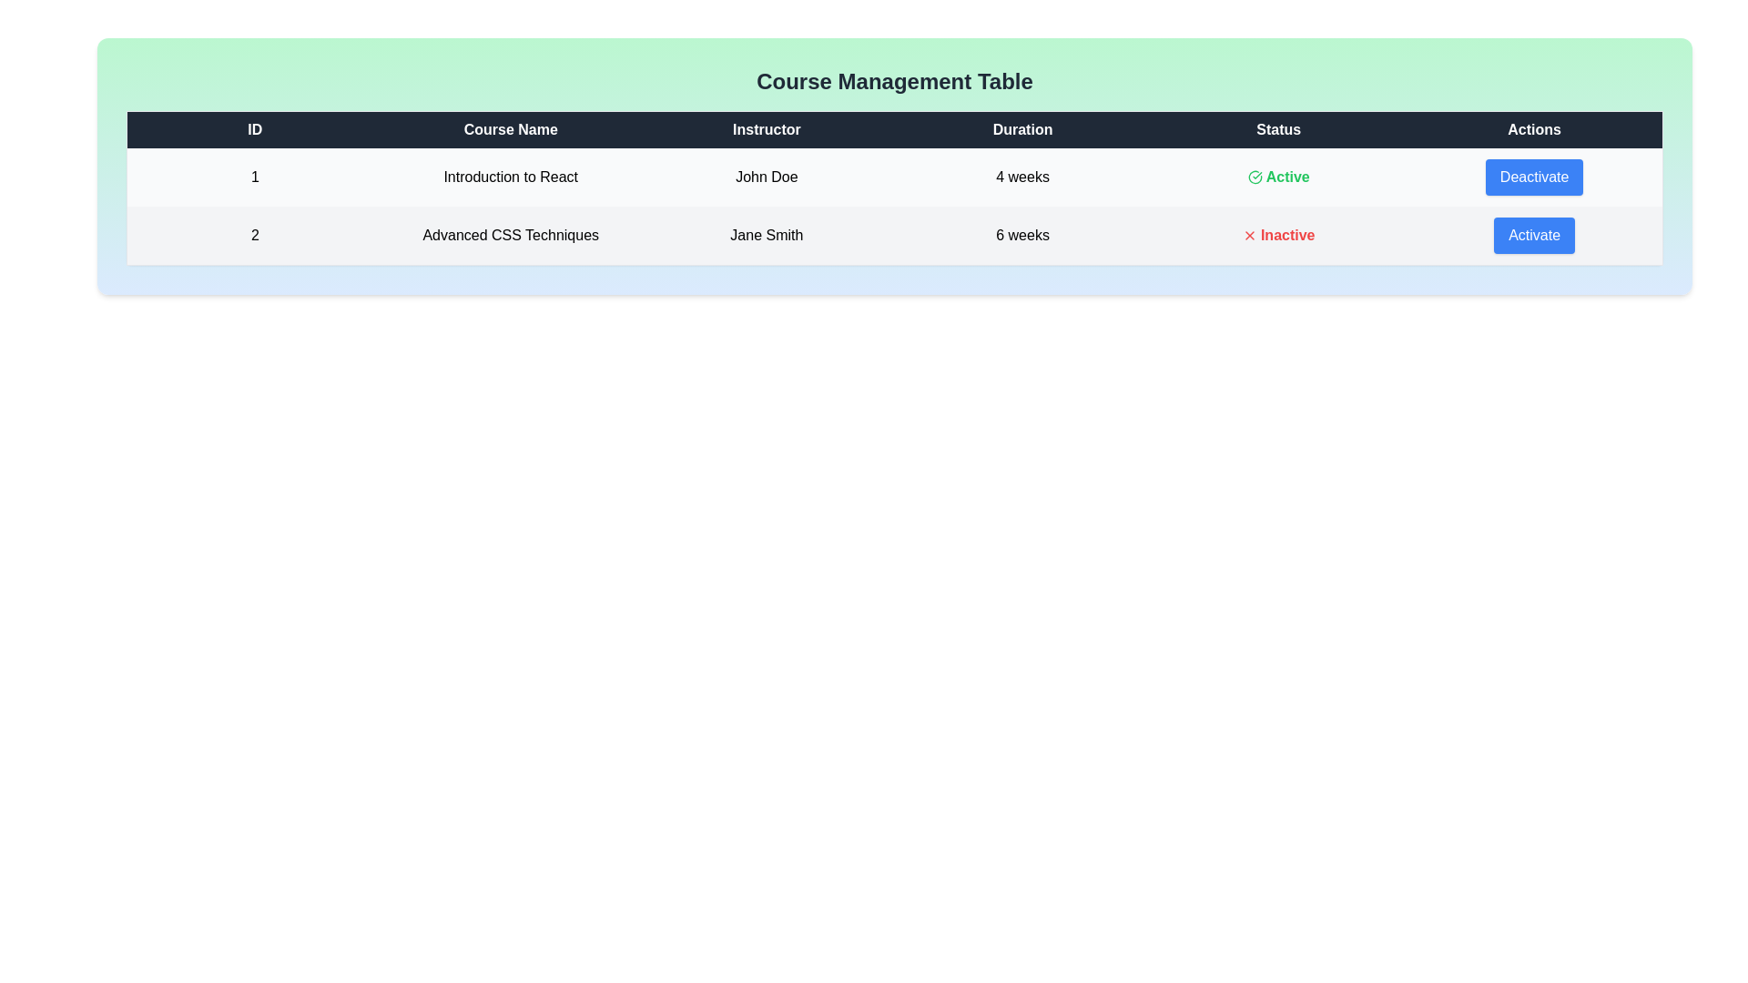 This screenshot has height=983, width=1748. I want to click on the Text label indicating 'Inactive' status in the second row of the table, located in the 'Status' column, so click(1277, 234).